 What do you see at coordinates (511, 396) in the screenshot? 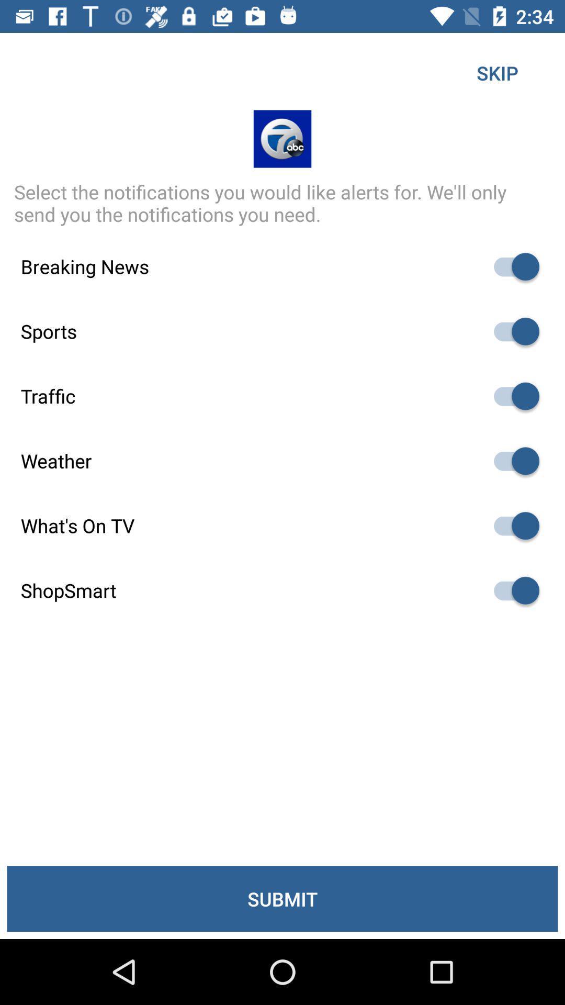
I see `on off` at bounding box center [511, 396].